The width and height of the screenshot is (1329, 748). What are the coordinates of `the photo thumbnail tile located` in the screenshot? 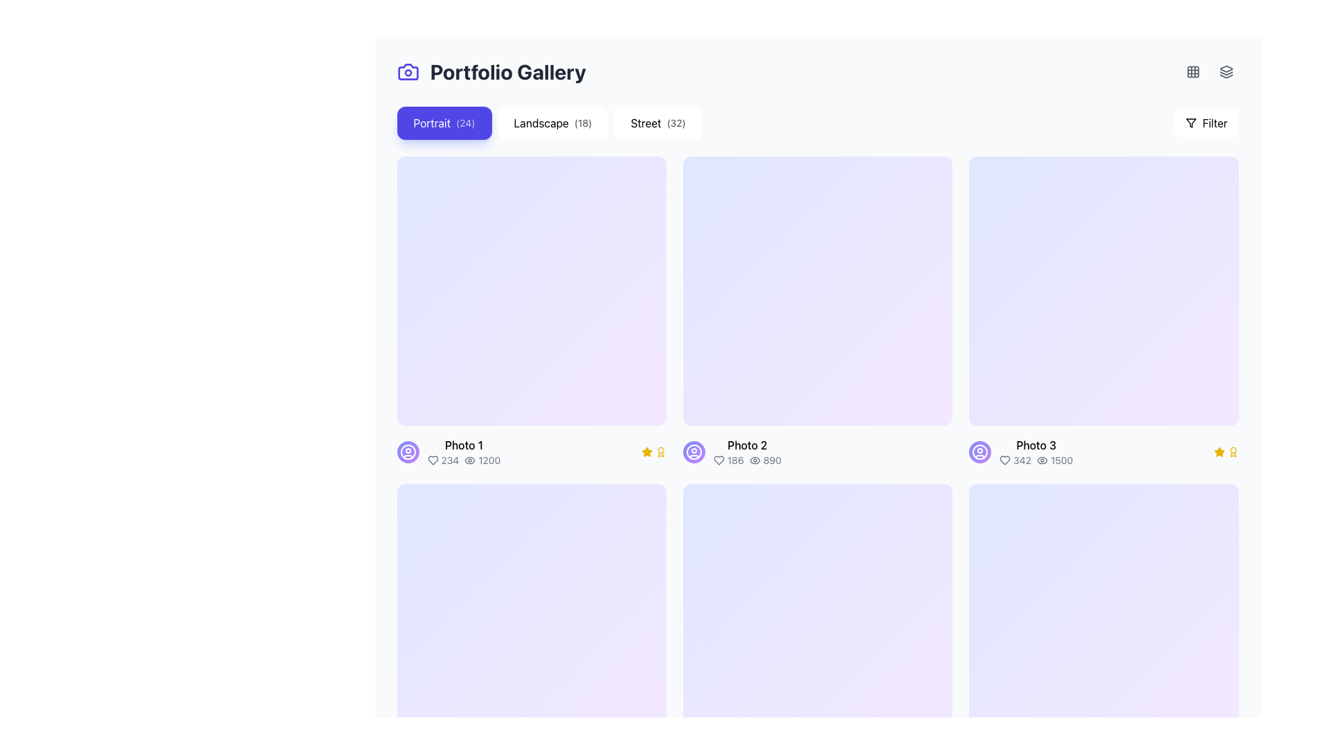 It's located at (1103, 312).